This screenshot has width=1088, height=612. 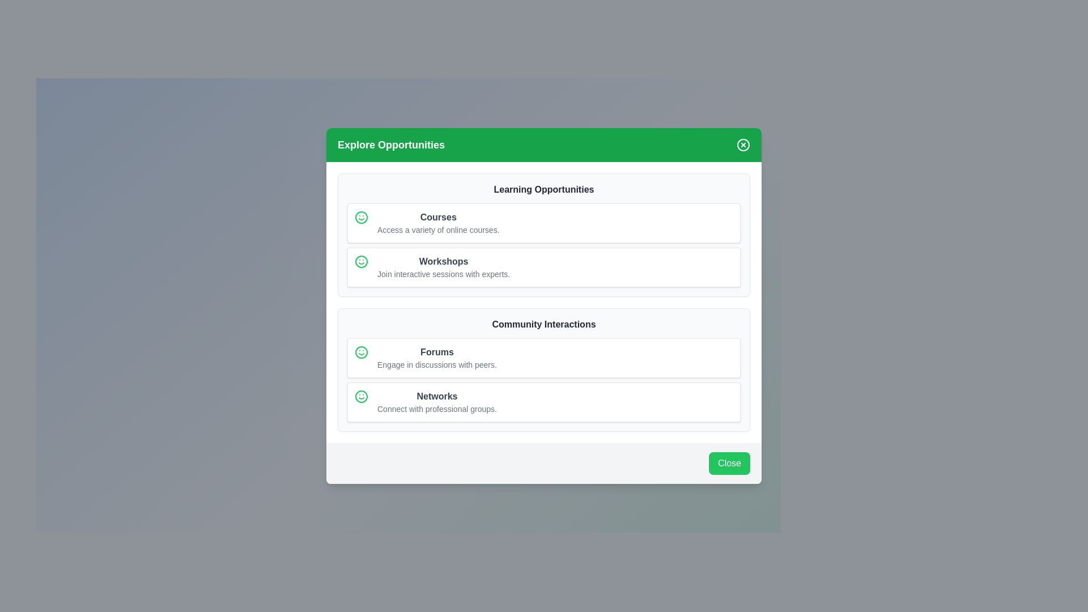 What do you see at coordinates (391, 144) in the screenshot?
I see `the text label displaying 'Explore Opportunities', which is bold and large, set against a green background in the toolbar area` at bounding box center [391, 144].